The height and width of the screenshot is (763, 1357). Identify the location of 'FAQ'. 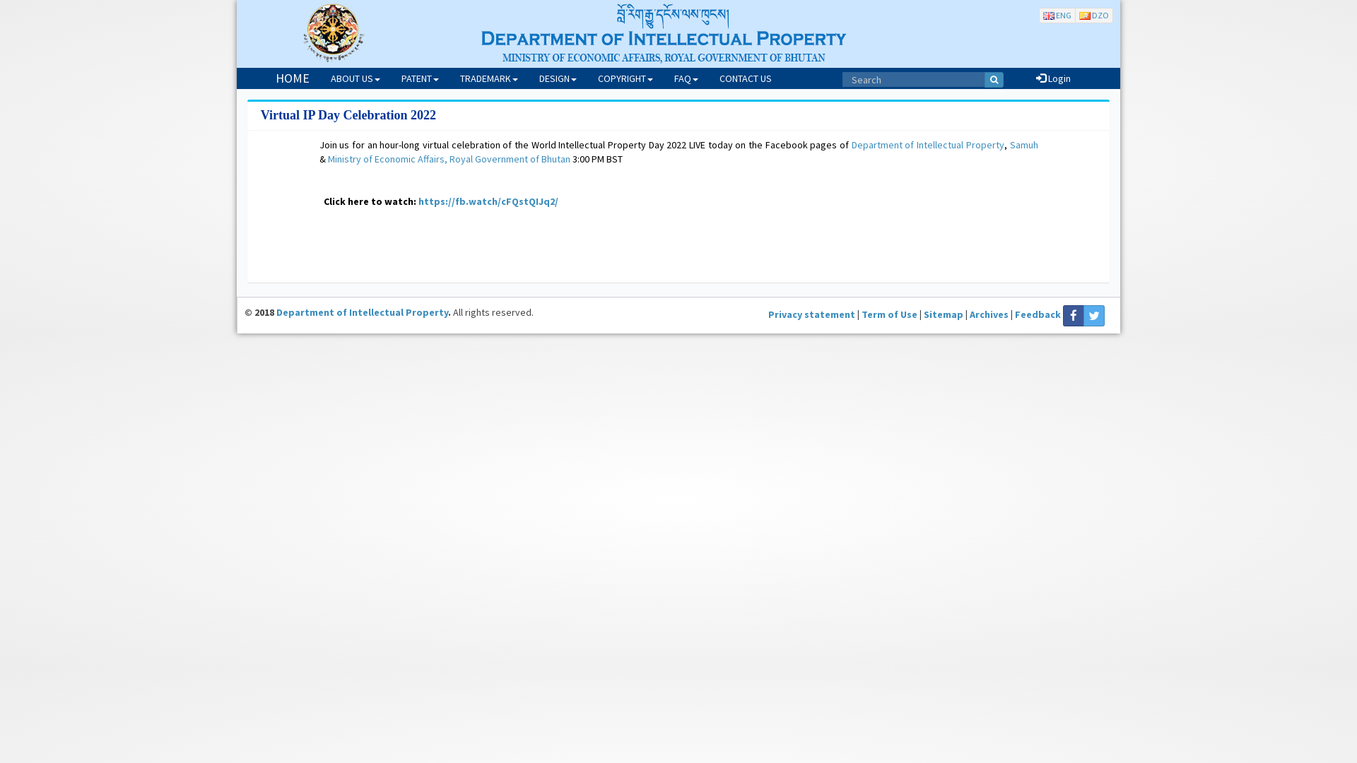
(686, 78).